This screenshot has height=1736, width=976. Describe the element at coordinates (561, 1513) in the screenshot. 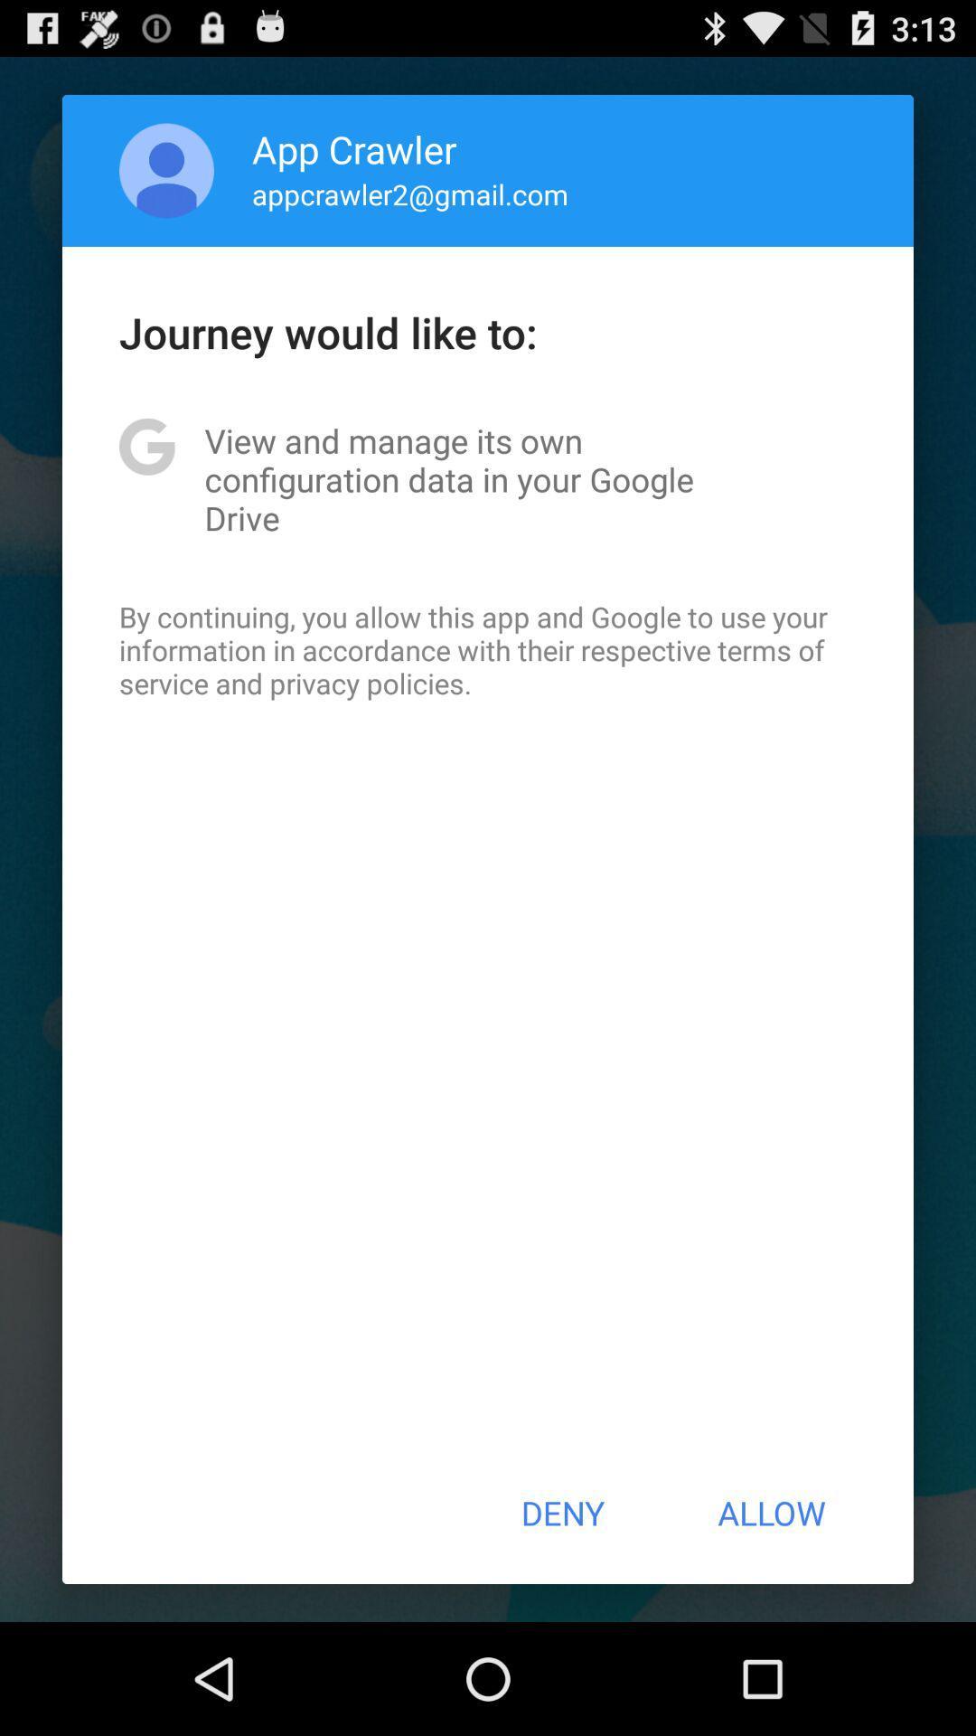

I see `the icon at the bottom` at that location.